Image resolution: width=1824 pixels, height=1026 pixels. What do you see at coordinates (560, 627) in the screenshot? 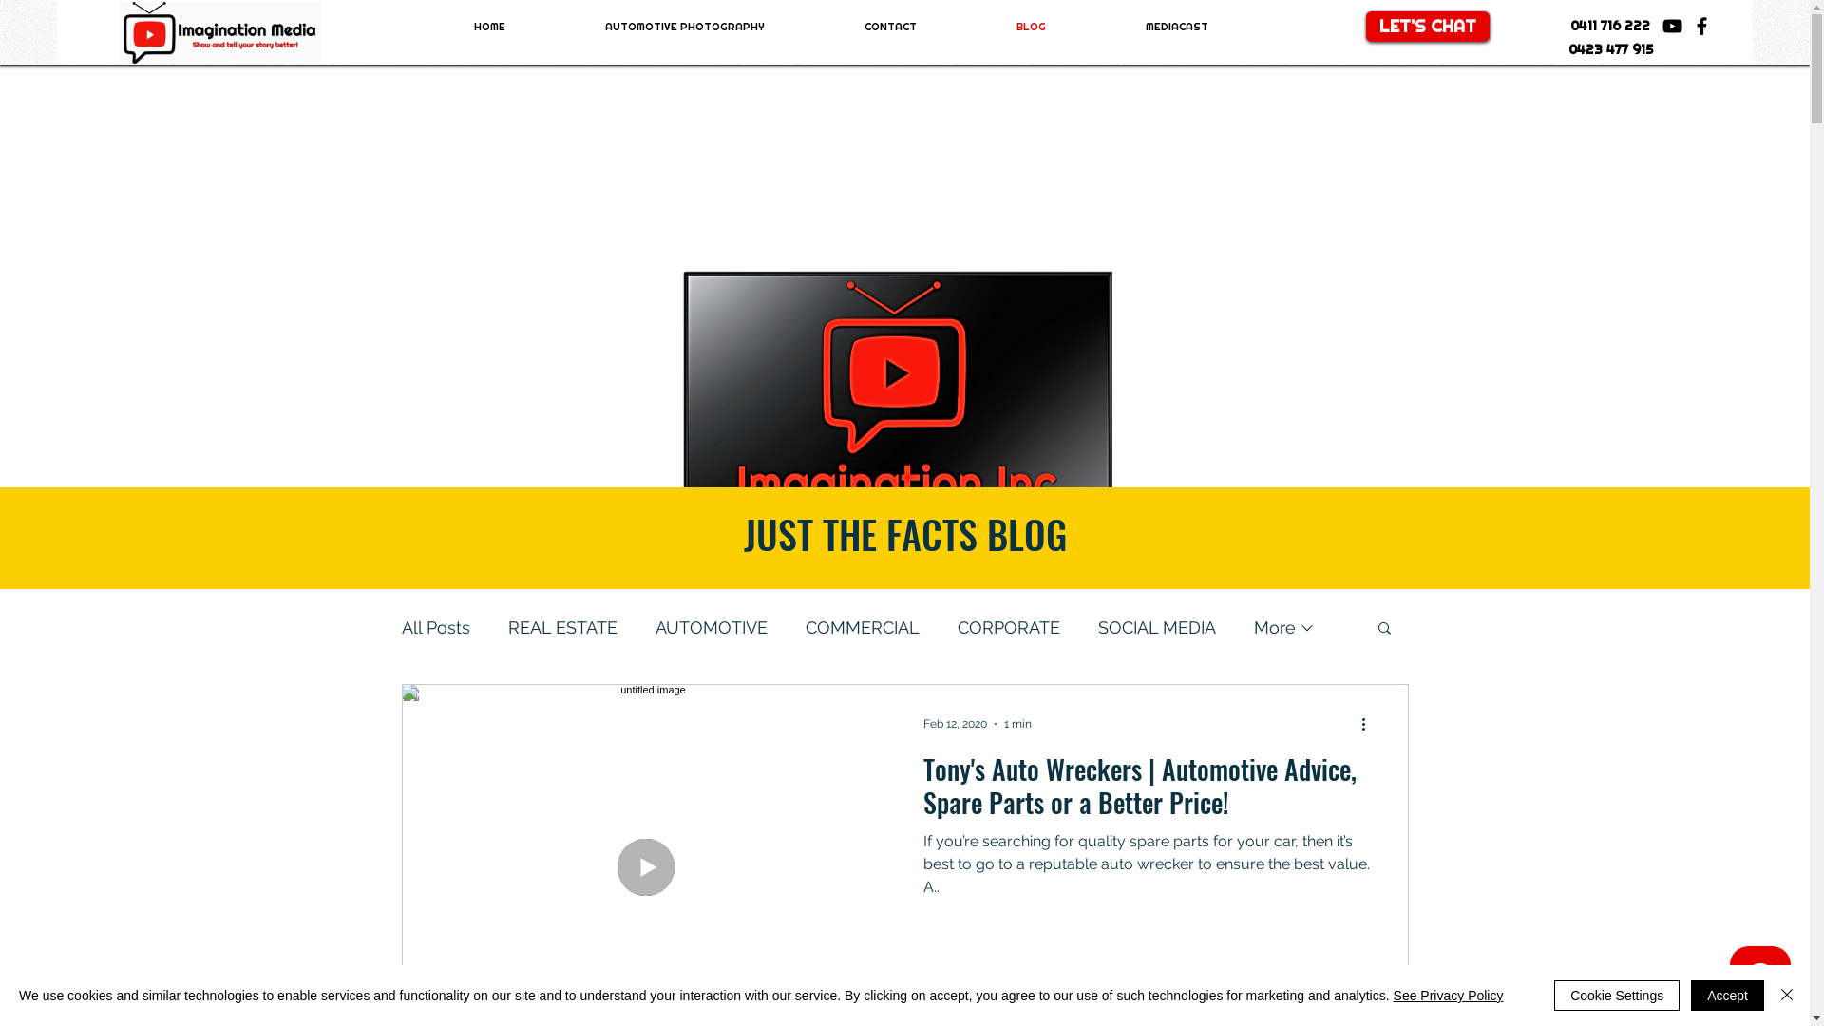
I see `'REAL ESTATE'` at bounding box center [560, 627].